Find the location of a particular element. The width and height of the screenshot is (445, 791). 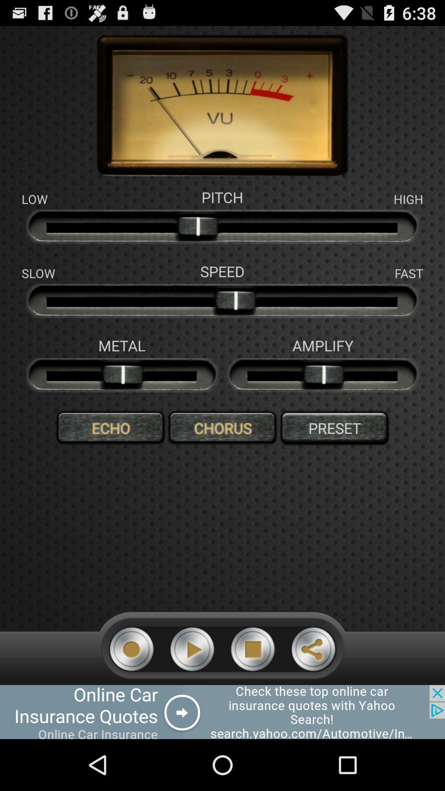

the play icon is located at coordinates (192, 695).